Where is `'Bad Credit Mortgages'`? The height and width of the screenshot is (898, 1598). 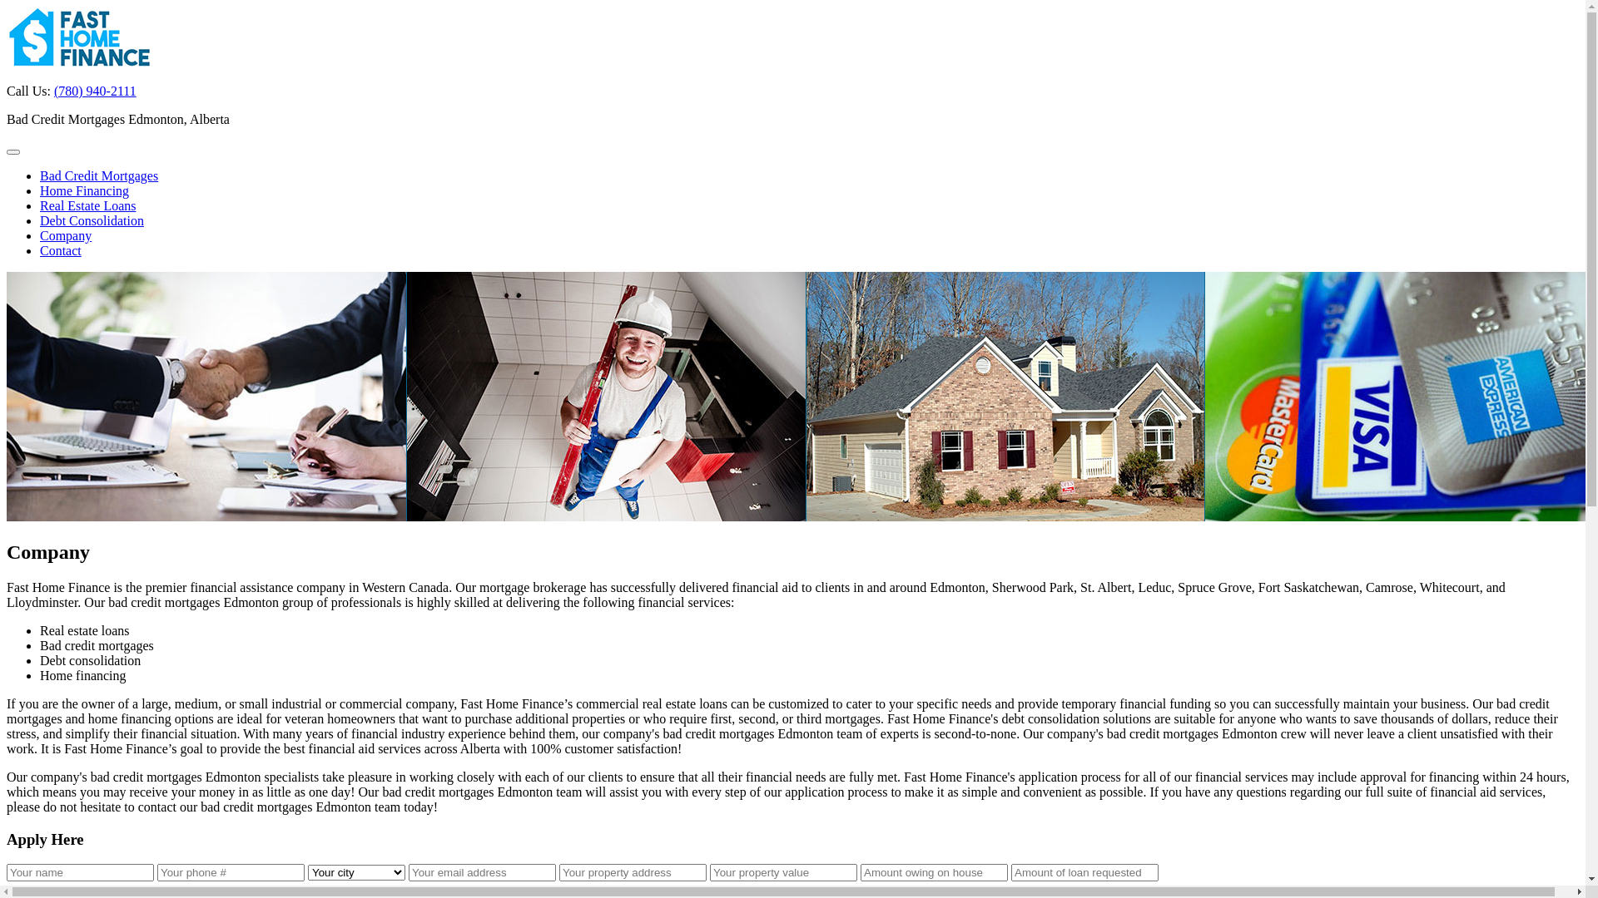
'Bad Credit Mortgages' is located at coordinates (98, 175).